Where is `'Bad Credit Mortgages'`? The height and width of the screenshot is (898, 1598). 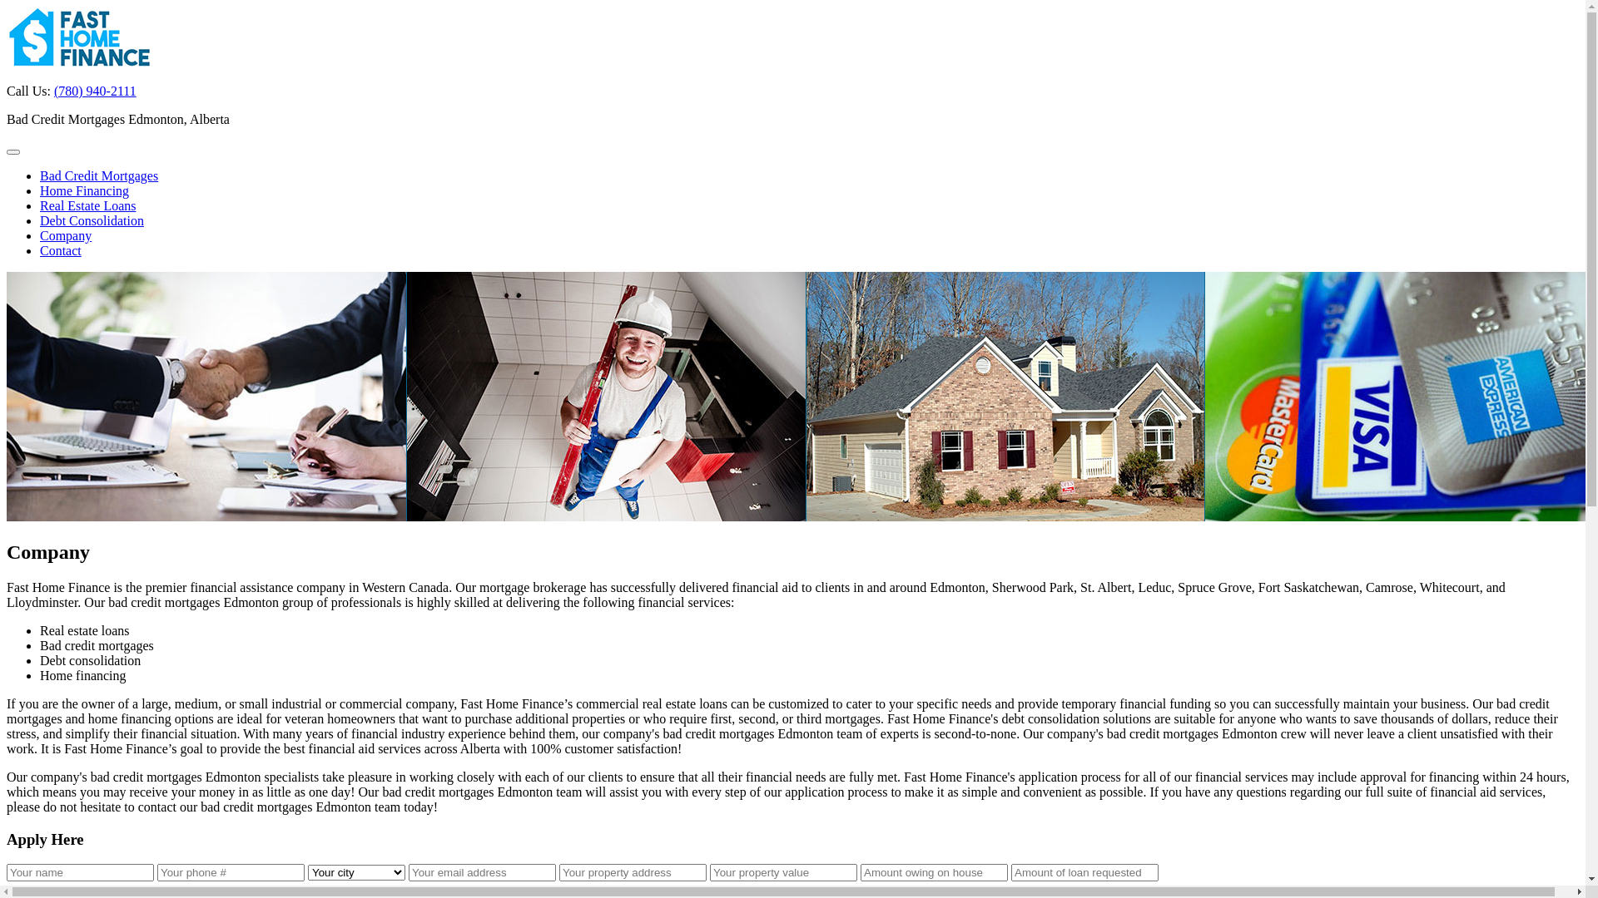
'Bad Credit Mortgages' is located at coordinates (98, 175).